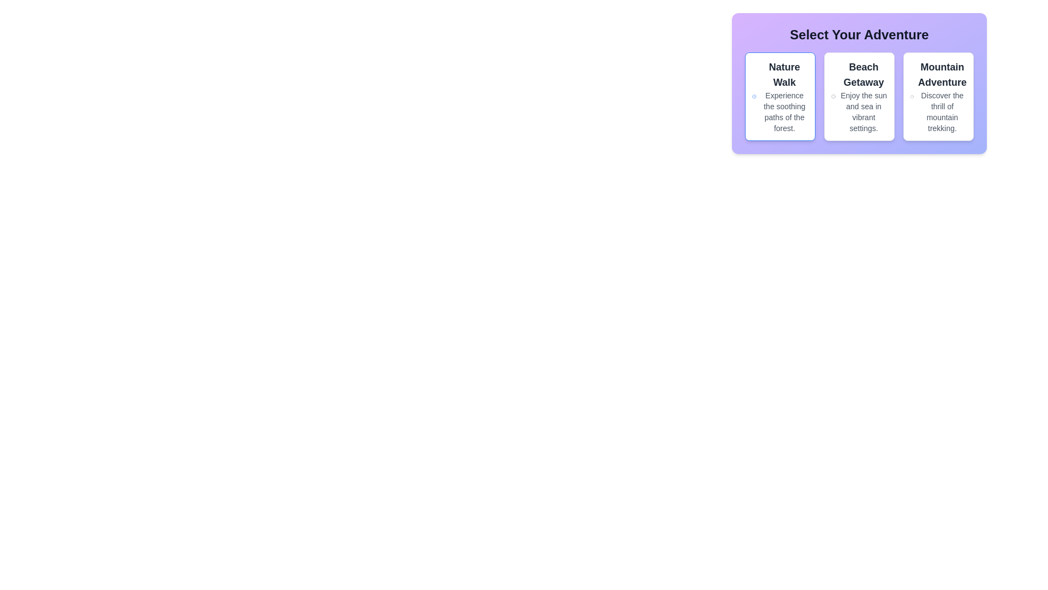 This screenshot has width=1048, height=590. I want to click on the 'Beach Getaway' card, which is the middle card in a row of three, so click(859, 96).